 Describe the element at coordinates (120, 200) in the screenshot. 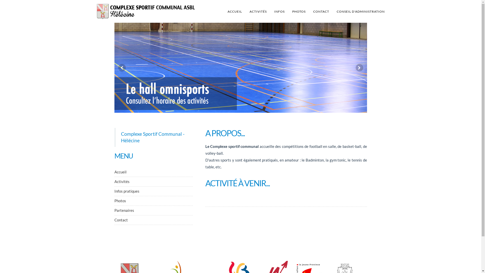

I see `'Photos'` at that location.